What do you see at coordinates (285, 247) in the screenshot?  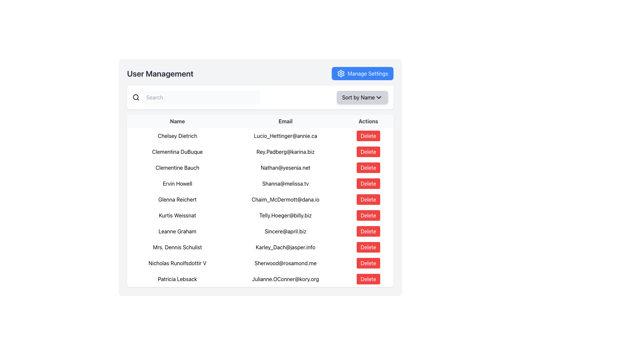 I see `the email address display for user 'Mrs. Dennis Schulist' in the middle column of the row, which is part of the table under the 'Email' section` at bounding box center [285, 247].